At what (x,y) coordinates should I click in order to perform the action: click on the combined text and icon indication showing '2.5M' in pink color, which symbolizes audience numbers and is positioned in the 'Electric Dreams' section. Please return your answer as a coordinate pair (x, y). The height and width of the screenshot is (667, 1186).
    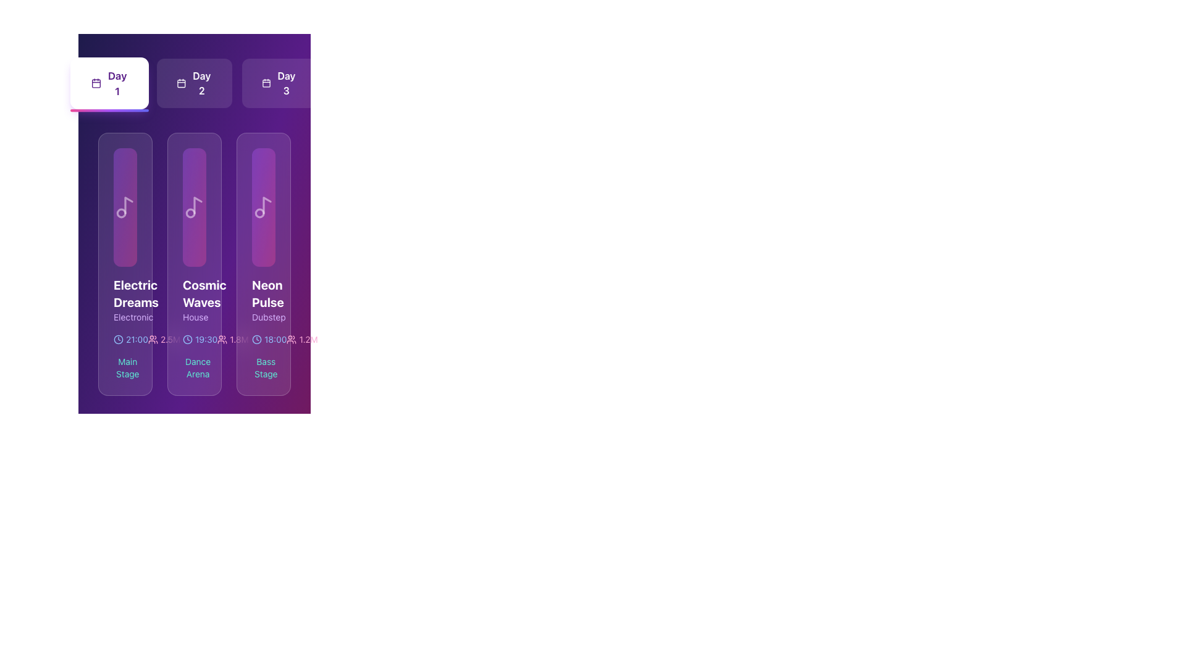
    Looking at the image, I should click on (164, 340).